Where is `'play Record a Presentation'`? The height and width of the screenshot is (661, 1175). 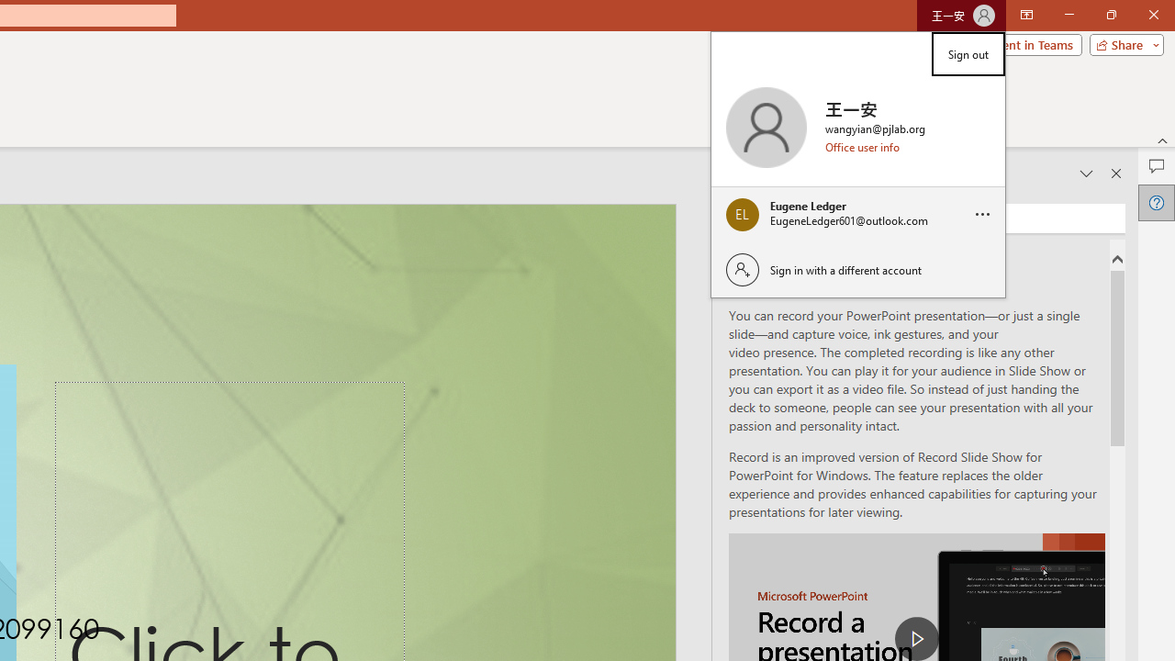 'play Record a Presentation' is located at coordinates (917, 637).